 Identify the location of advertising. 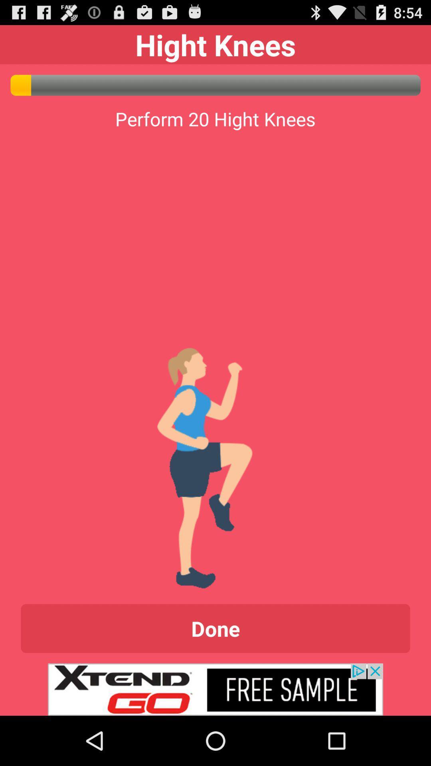
(215, 689).